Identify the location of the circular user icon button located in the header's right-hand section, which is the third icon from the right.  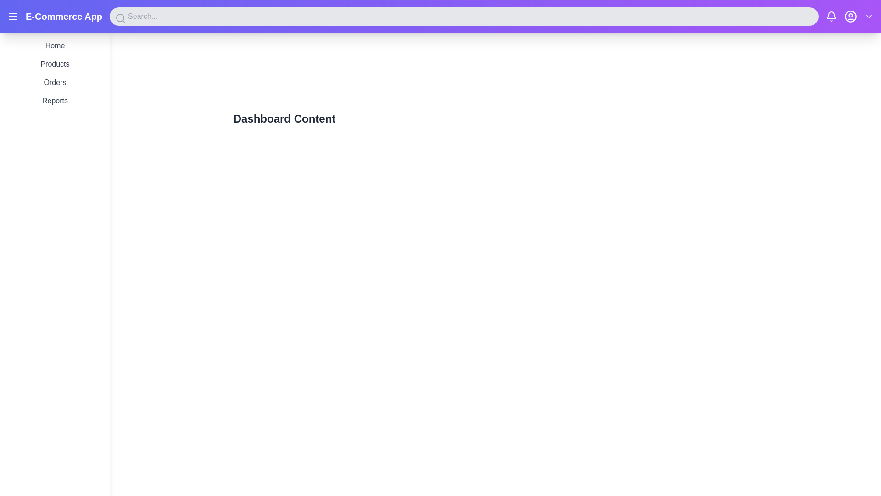
(850, 16).